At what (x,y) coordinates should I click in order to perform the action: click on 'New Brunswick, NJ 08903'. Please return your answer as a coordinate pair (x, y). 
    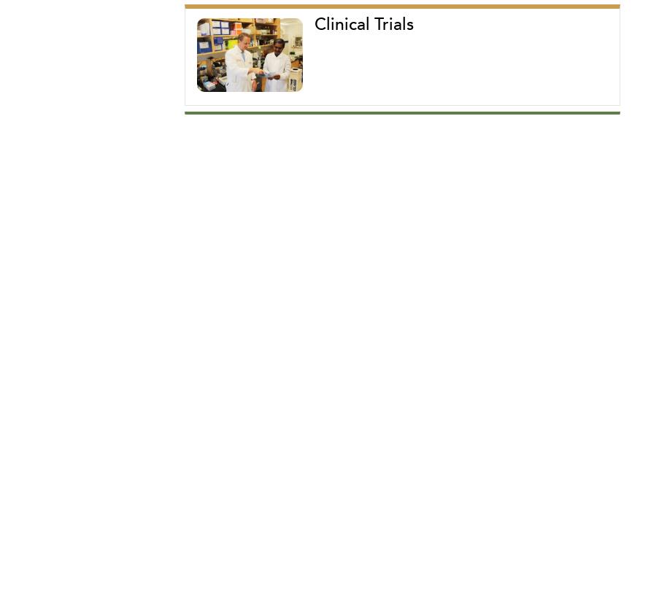
    Looking at the image, I should click on (225, 182).